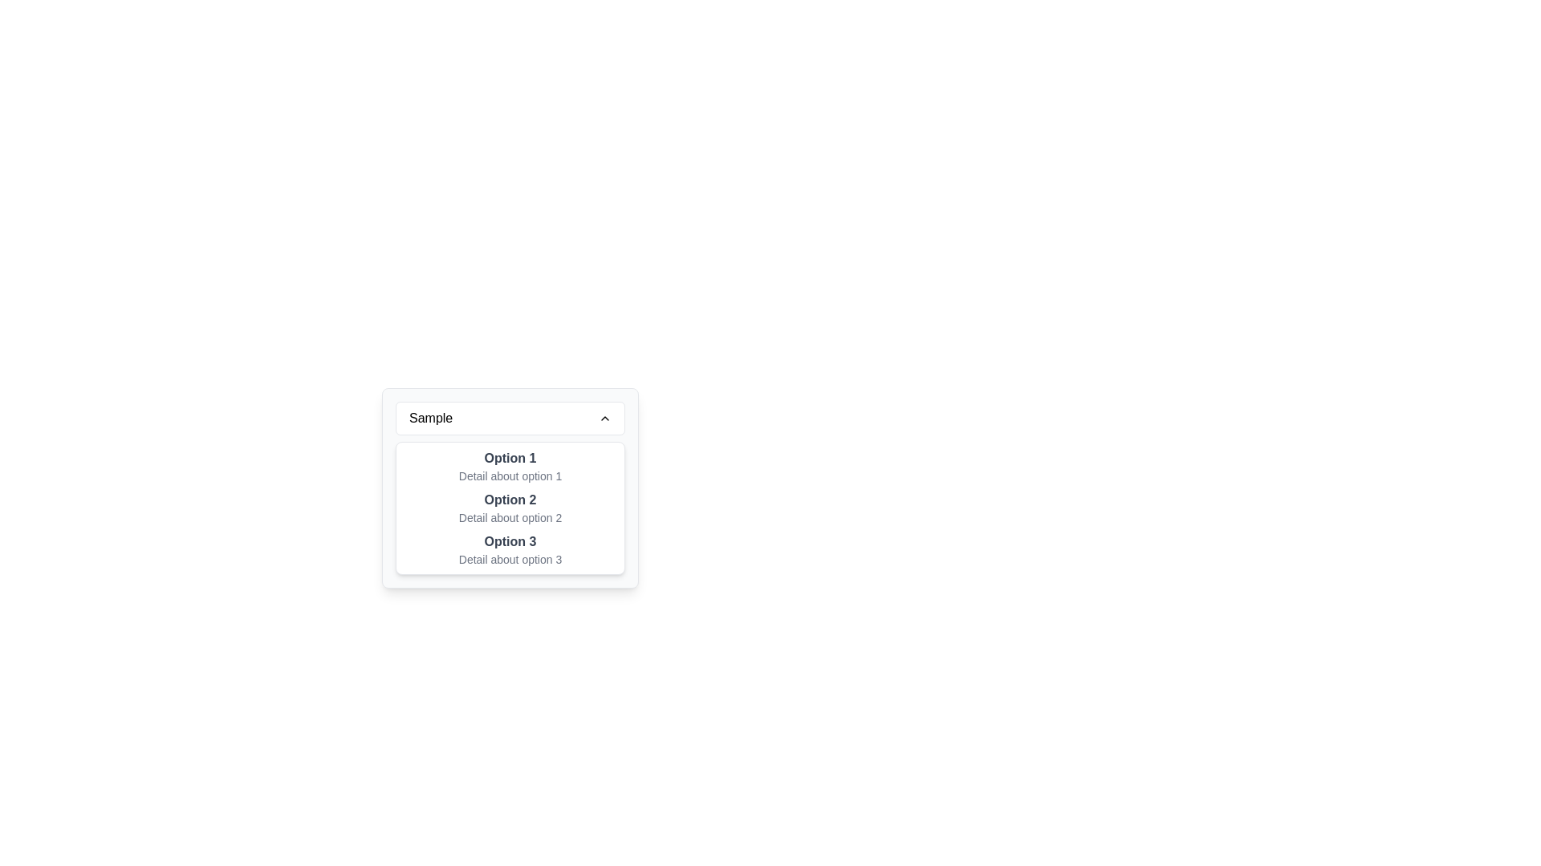 The width and height of the screenshot is (1541, 866). I want to click on the first list item element that reads 'Option 1' in bold gray font, so click(509, 467).